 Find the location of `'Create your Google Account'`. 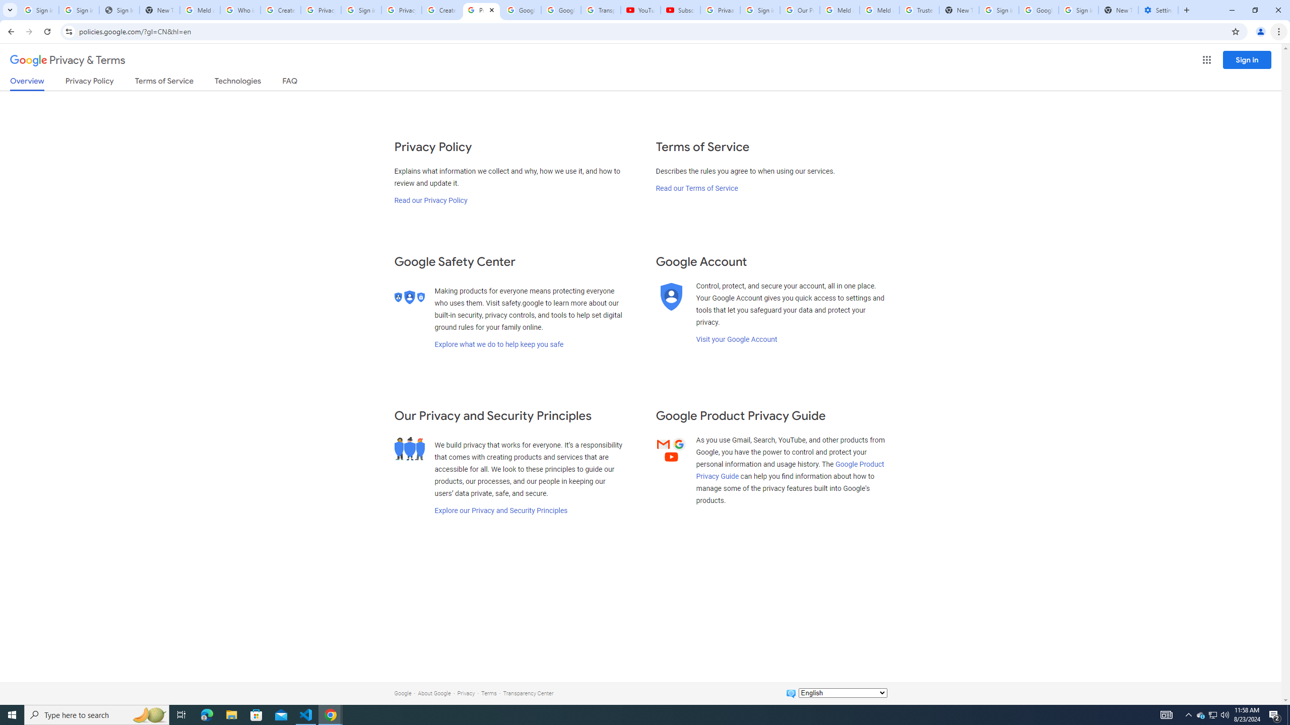

'Create your Google Account' is located at coordinates (441, 10).